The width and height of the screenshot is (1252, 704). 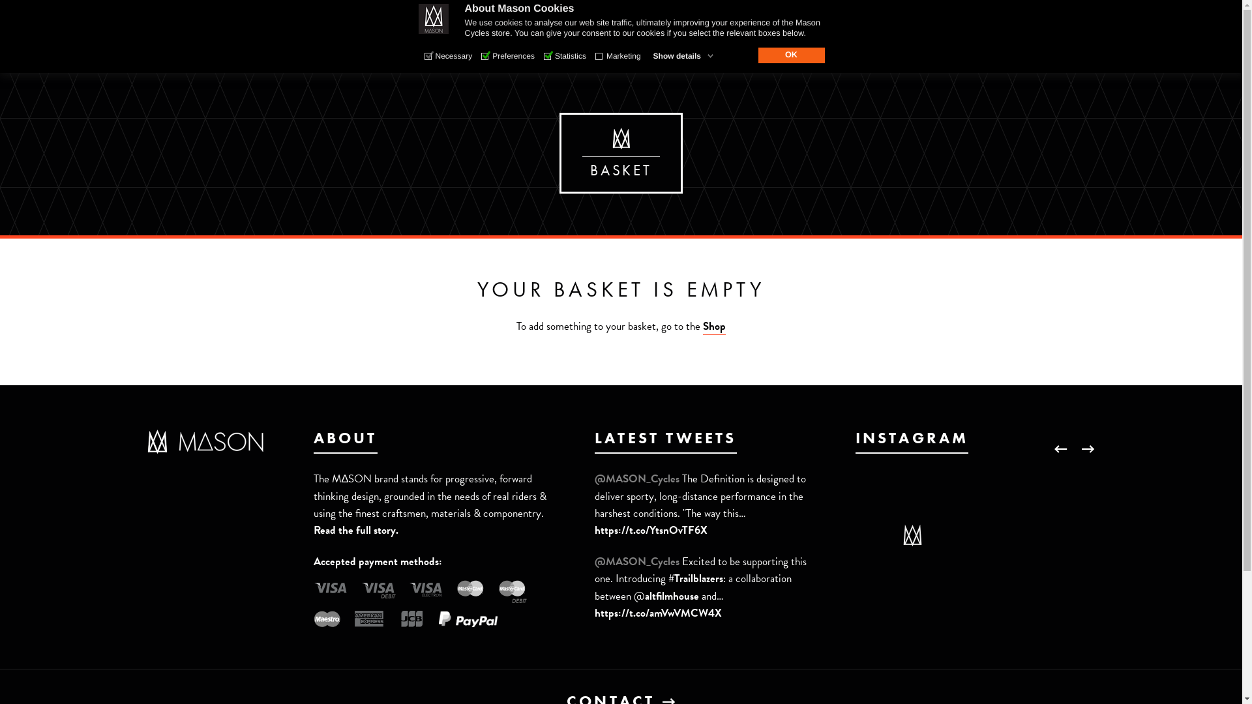 I want to click on 'ACCESSORIES', so click(x=621, y=47).